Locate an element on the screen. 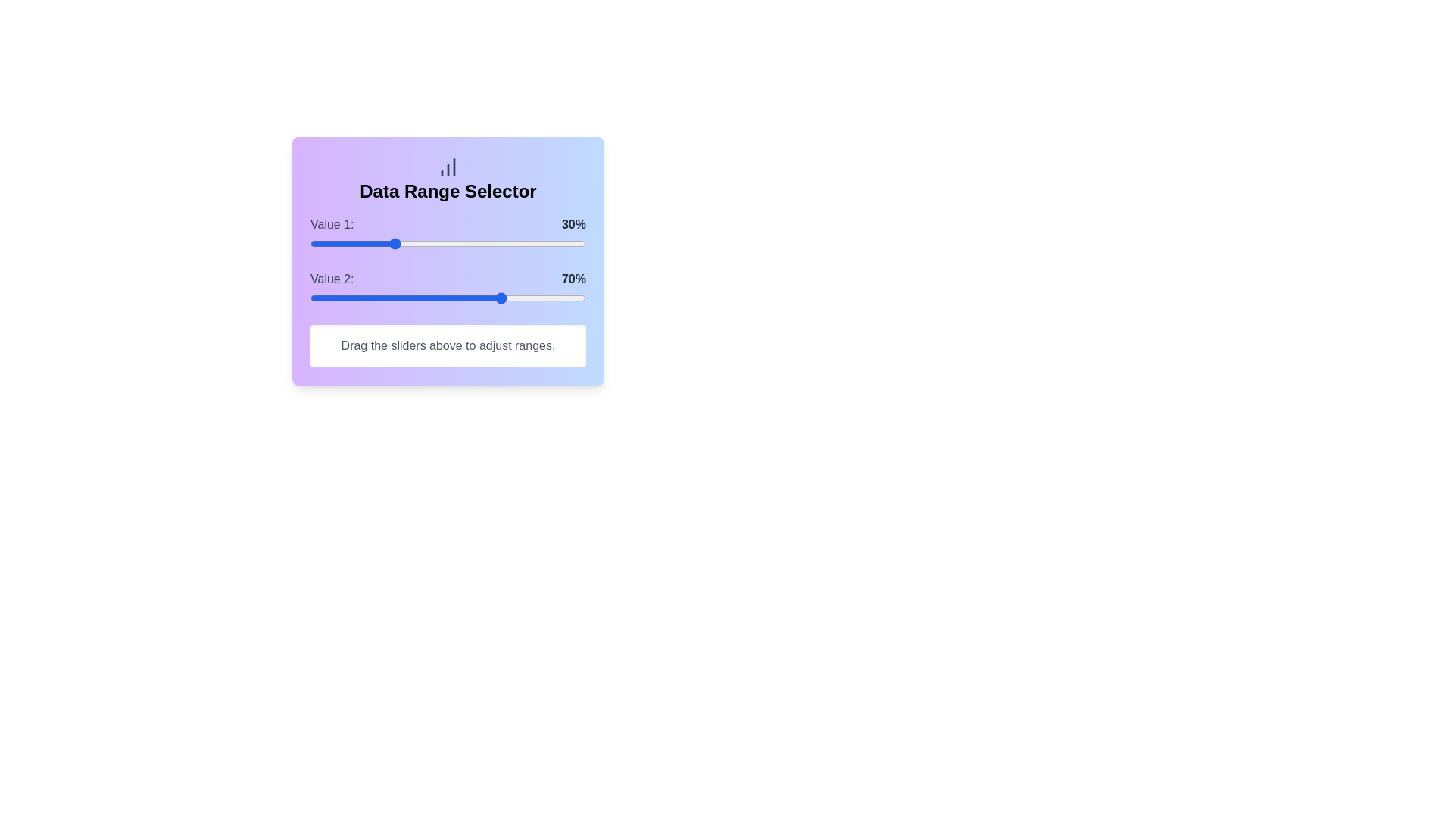 This screenshot has height=818, width=1454. the Value 2 slider to 76% is located at coordinates (520, 298).